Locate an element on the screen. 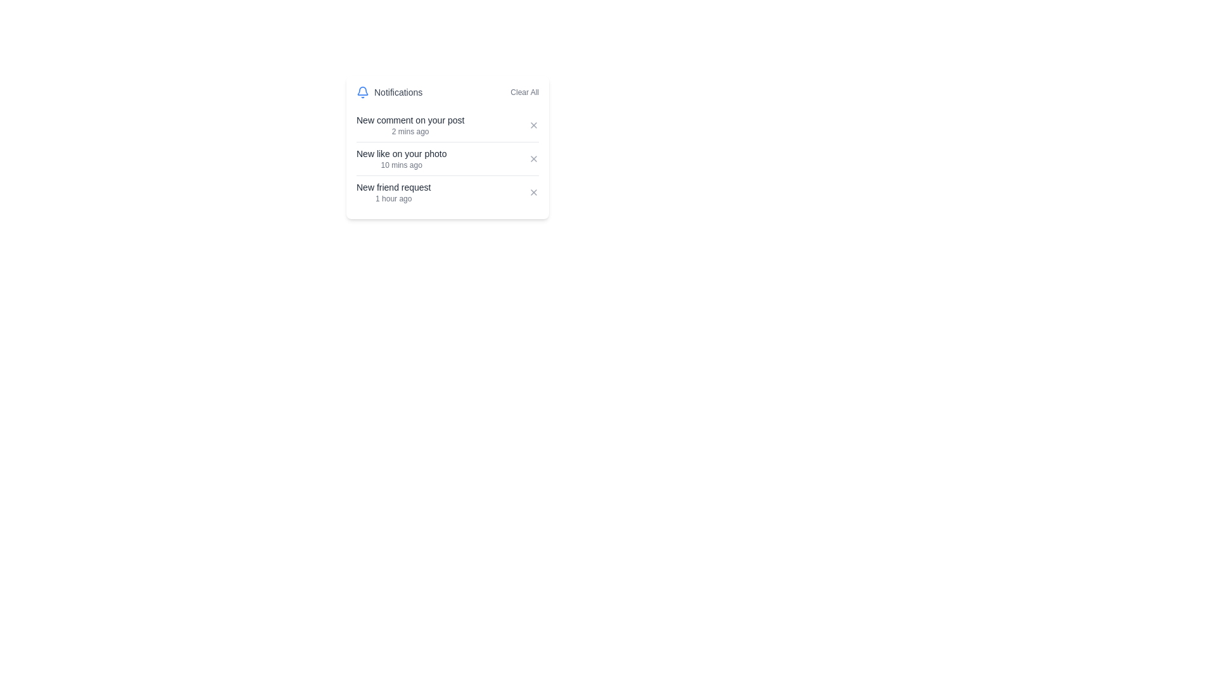 This screenshot has height=684, width=1216. the 'Notifications' text label, which is styled in a small font with medium weight and gray color, located centrally within the top section of the notification dropdown panel is located at coordinates (398, 92).